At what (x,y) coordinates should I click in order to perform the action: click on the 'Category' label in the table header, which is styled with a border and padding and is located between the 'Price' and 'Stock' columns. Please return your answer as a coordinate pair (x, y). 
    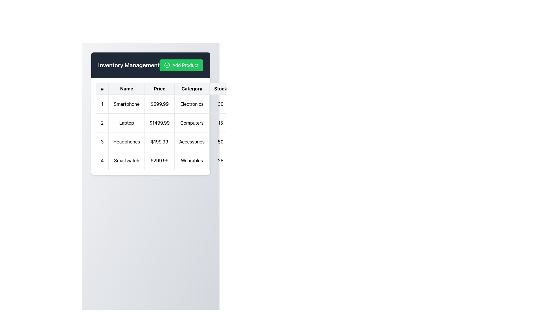
    Looking at the image, I should click on (192, 88).